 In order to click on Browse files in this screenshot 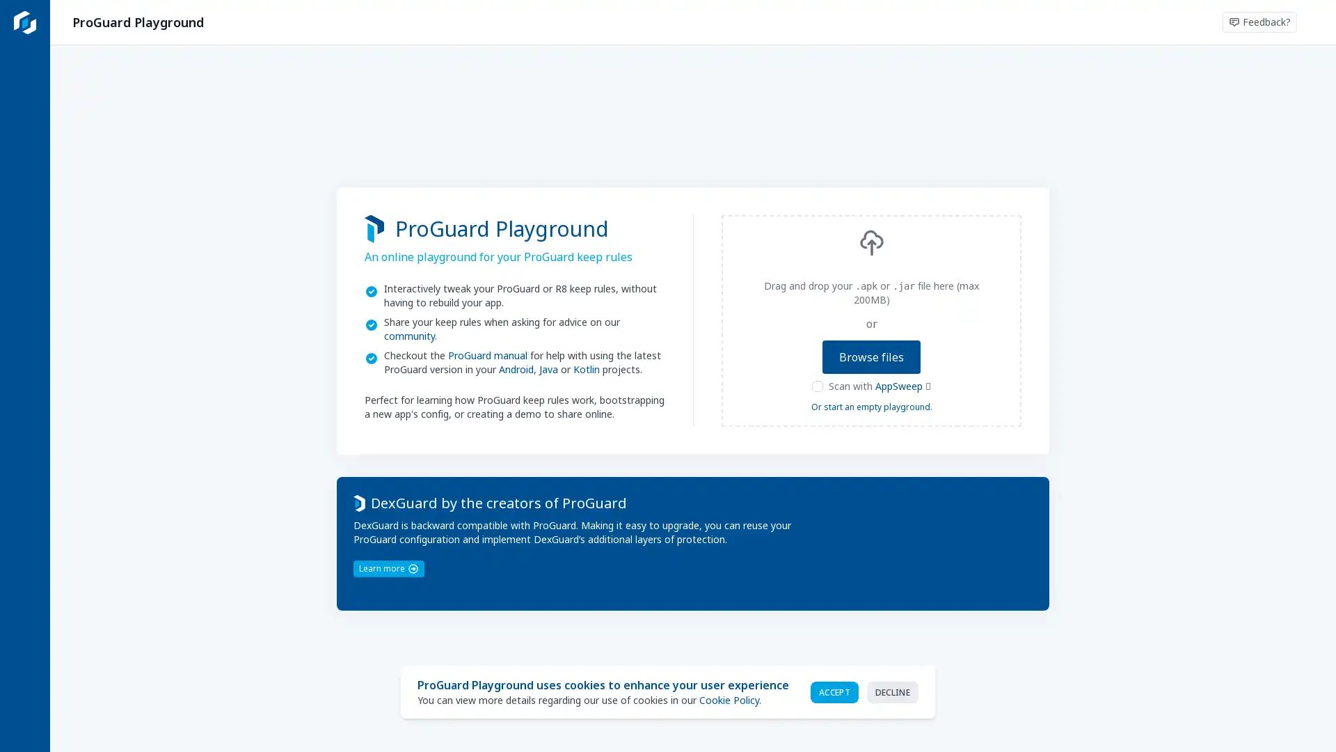, I will do `click(870, 356)`.